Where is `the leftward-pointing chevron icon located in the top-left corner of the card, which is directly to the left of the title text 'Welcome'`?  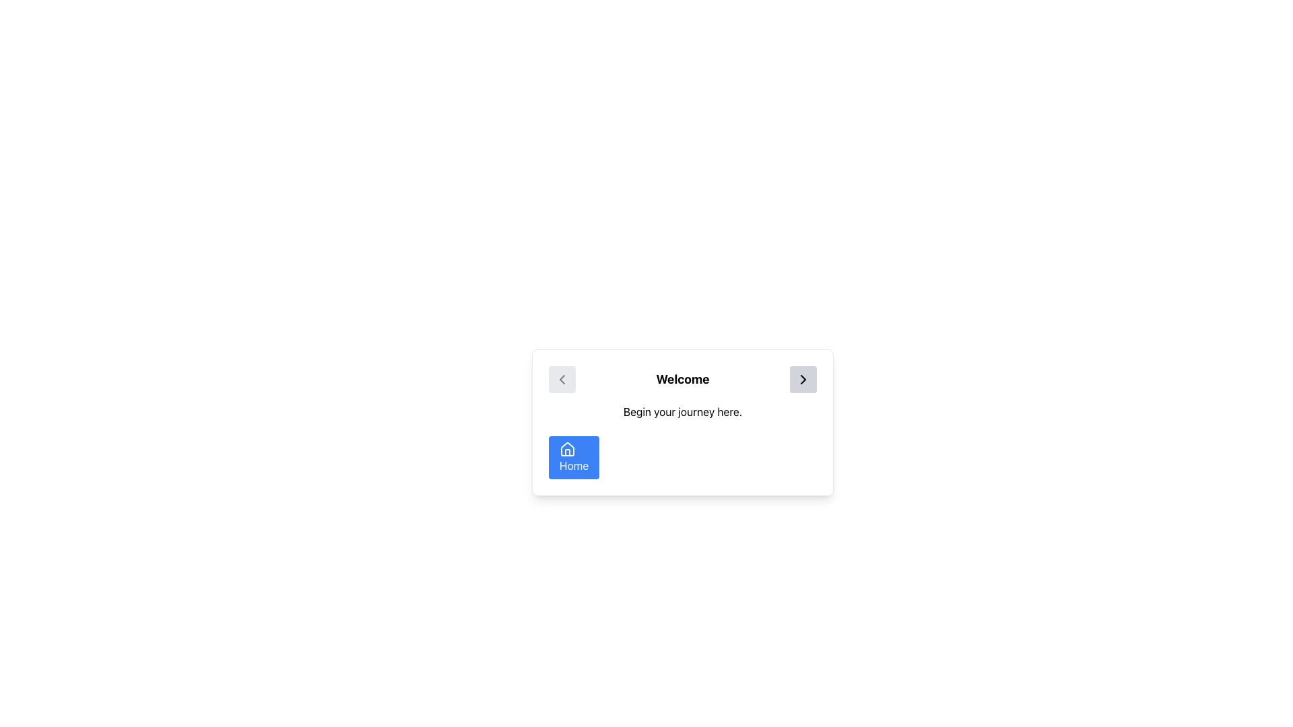 the leftward-pointing chevron icon located in the top-left corner of the card, which is directly to the left of the title text 'Welcome' is located at coordinates (562, 379).